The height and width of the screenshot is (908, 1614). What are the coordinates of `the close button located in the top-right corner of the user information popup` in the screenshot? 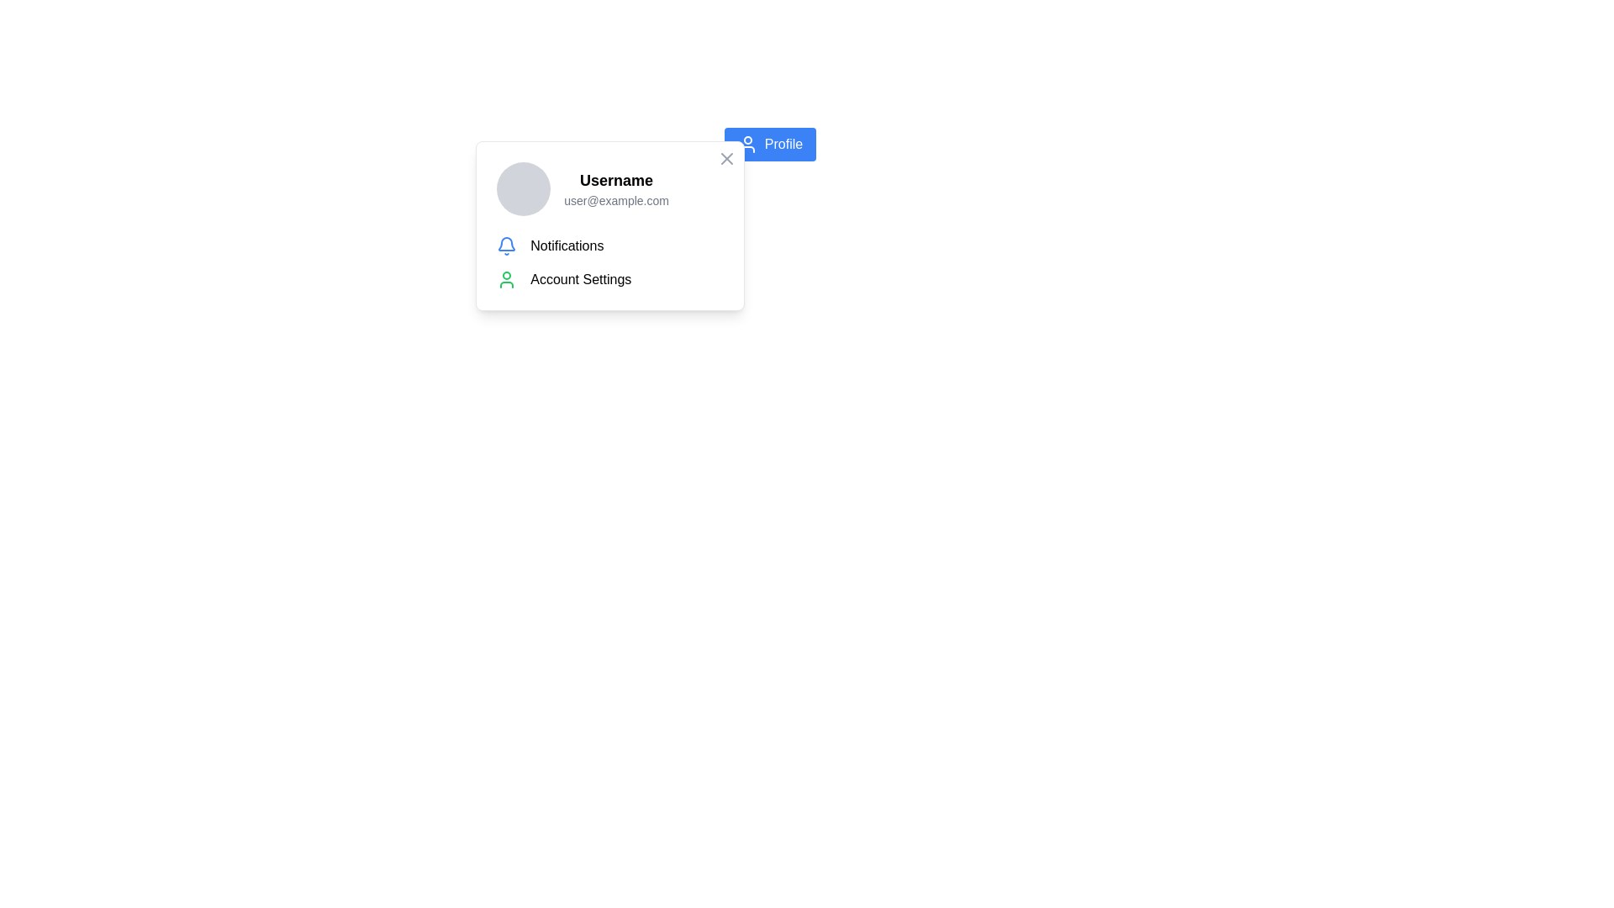 It's located at (727, 159).